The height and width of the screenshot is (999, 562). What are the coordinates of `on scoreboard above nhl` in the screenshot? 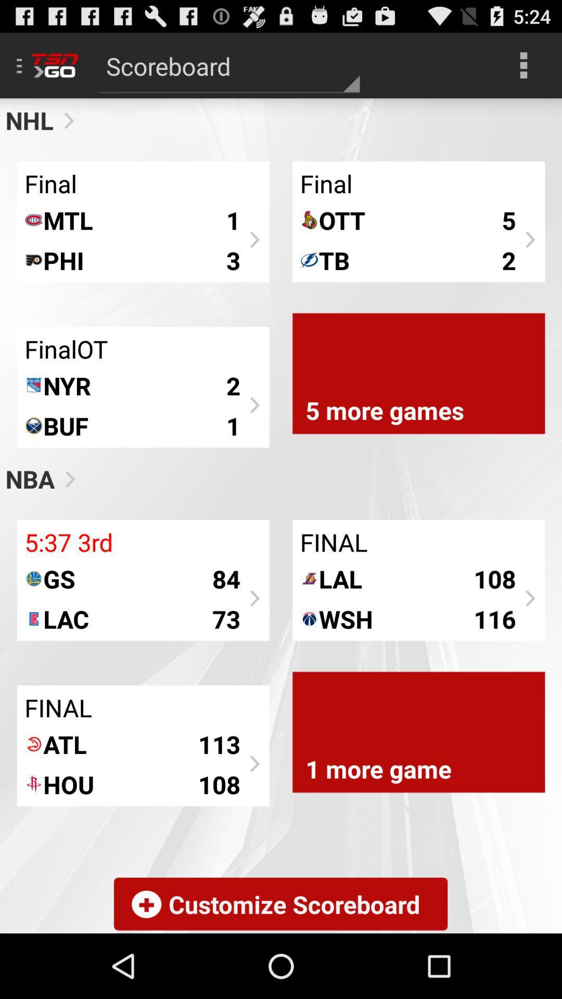 It's located at (228, 65).